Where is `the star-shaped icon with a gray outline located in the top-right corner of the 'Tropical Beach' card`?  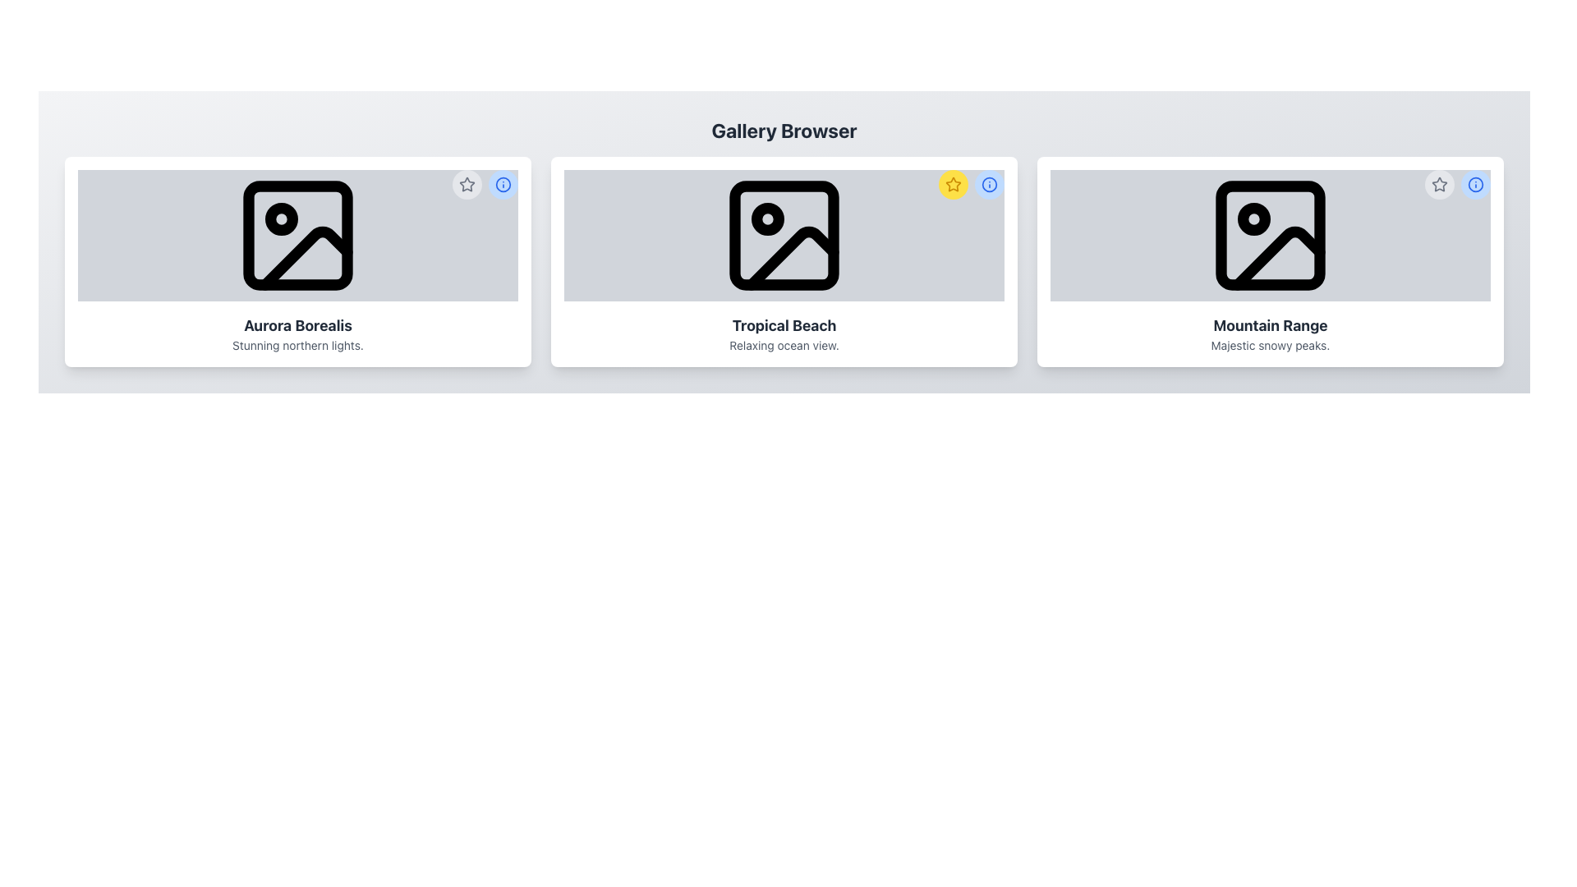
the star-shaped icon with a gray outline located in the top-right corner of the 'Tropical Beach' card is located at coordinates (467, 184).